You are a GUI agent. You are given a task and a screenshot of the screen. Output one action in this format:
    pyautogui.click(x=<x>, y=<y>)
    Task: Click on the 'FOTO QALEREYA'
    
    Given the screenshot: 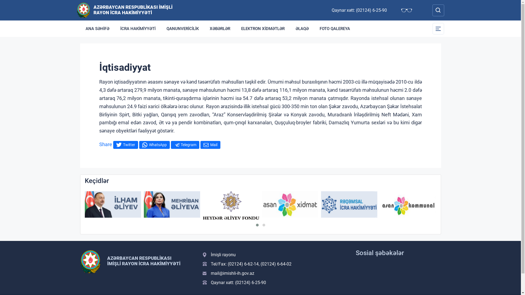 What is the action you would take?
    pyautogui.click(x=334, y=28)
    